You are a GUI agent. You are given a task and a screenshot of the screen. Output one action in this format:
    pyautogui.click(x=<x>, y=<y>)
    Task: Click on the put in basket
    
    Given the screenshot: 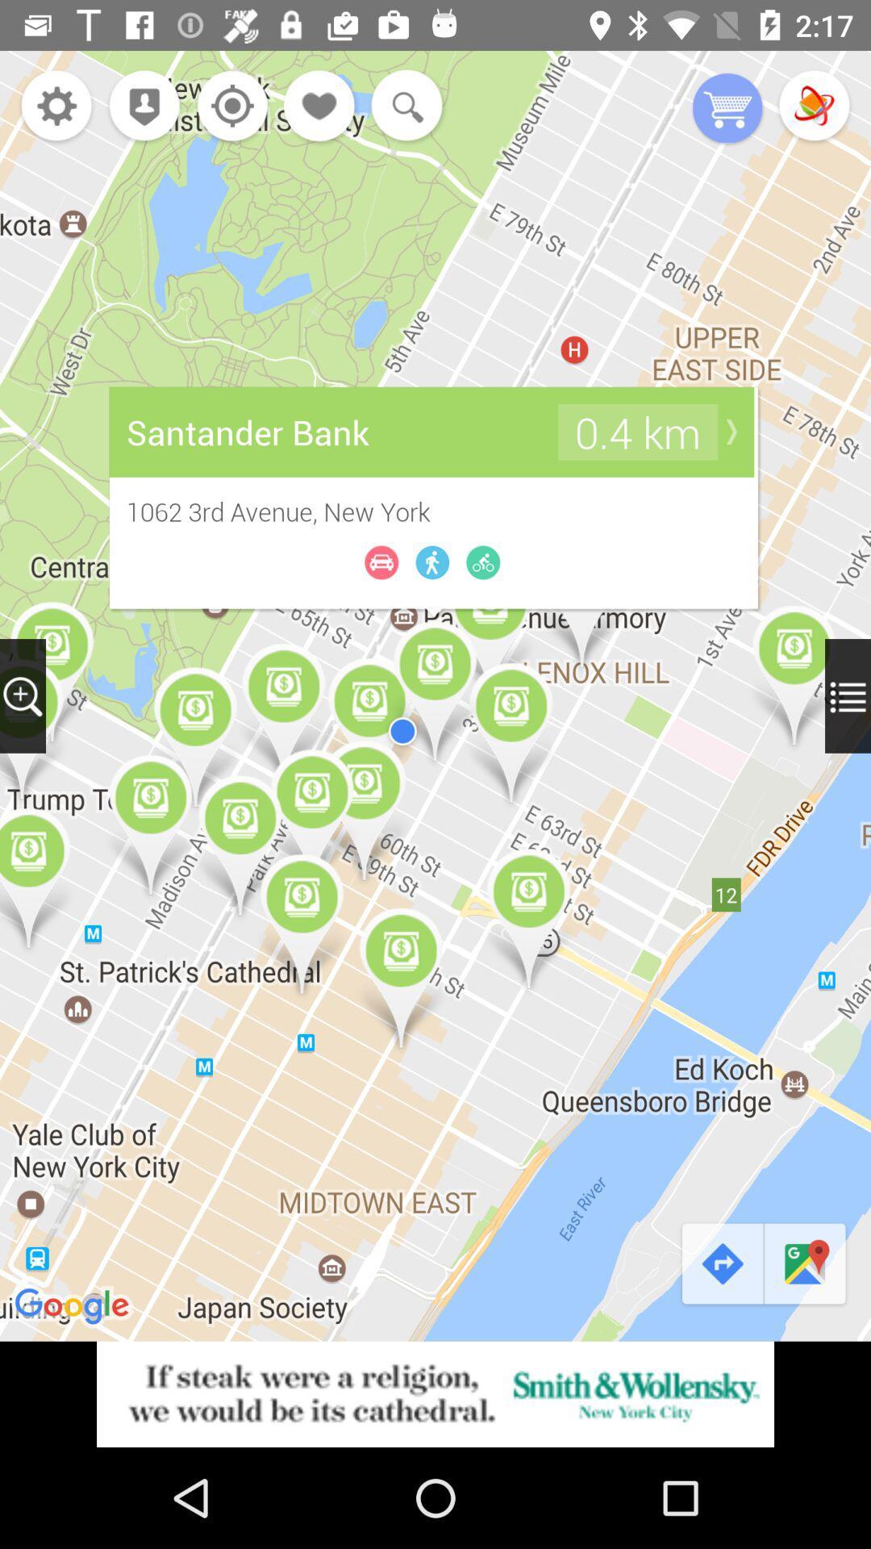 What is the action you would take?
    pyautogui.click(x=727, y=109)
    